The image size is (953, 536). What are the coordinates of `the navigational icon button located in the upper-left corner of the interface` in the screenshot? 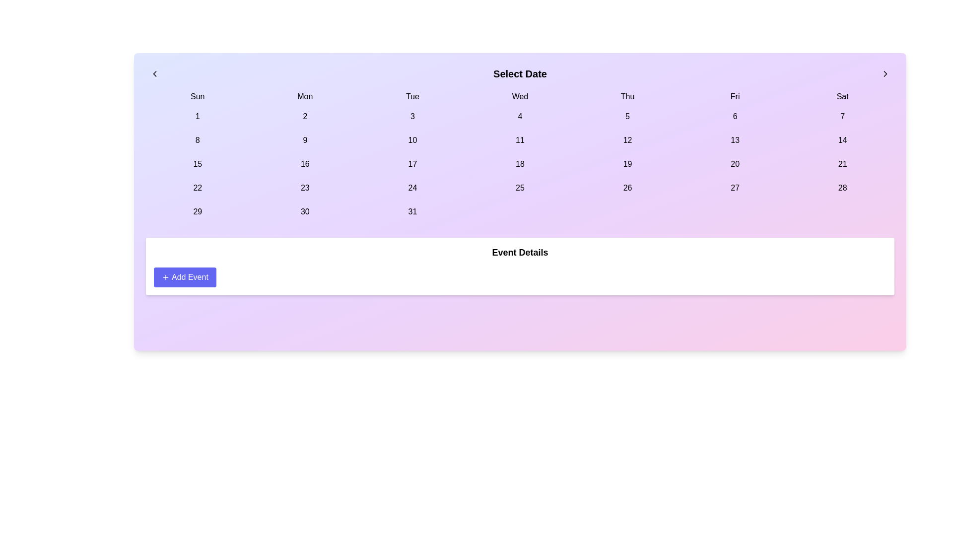 It's located at (154, 73).